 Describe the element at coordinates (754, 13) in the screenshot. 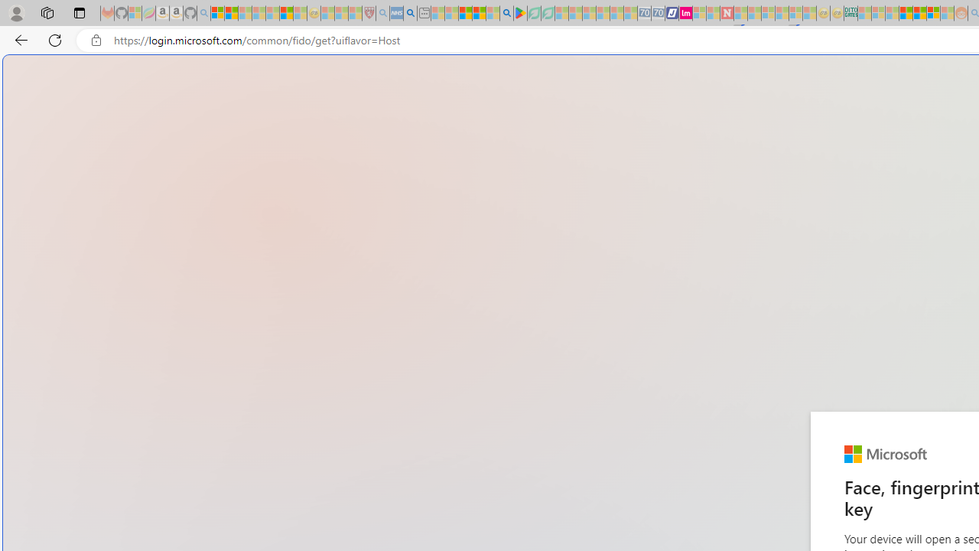

I see `'14 Common Myths Debunked By Scientific Facts - Sleeping'` at that location.